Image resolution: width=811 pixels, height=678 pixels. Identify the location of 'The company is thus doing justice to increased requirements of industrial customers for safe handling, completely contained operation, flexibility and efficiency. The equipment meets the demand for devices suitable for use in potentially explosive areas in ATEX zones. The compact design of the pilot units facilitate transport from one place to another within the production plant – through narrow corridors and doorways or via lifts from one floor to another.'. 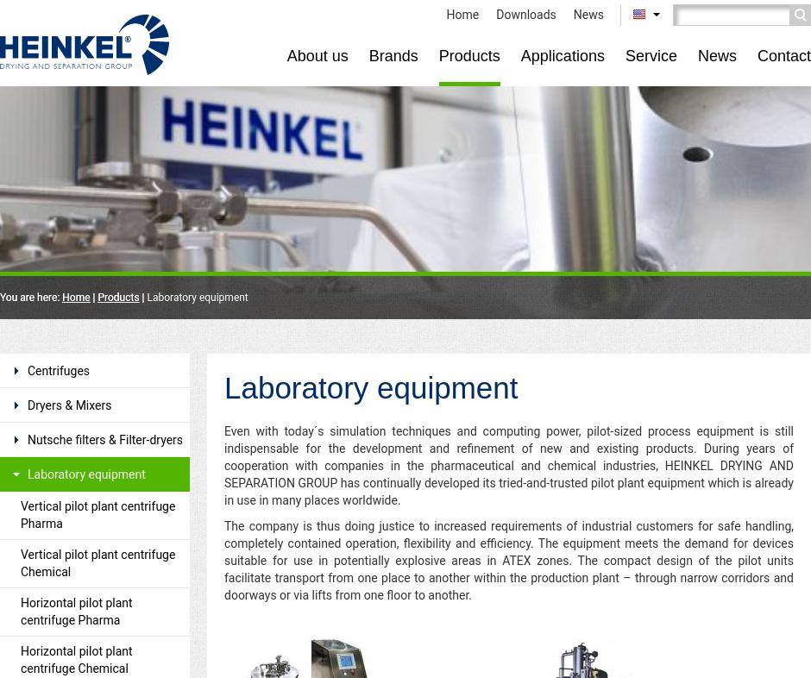
(508, 561).